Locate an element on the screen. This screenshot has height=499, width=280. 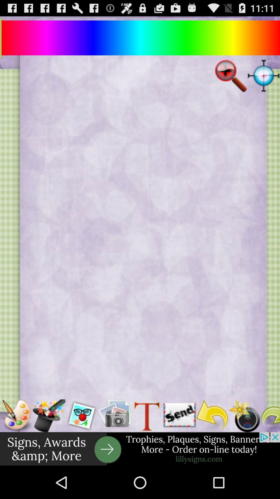
the zoom_out icon is located at coordinates (231, 81).